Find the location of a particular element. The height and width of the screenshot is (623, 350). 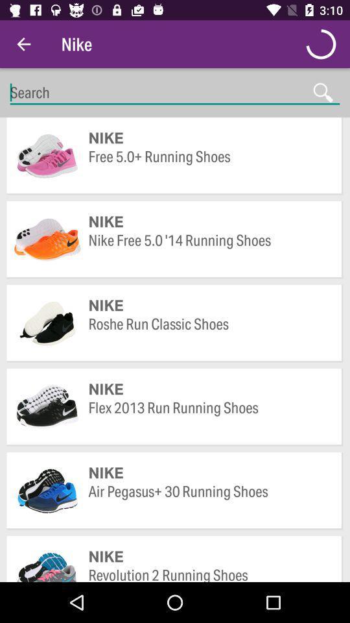

the item above nike is located at coordinates (209, 333).